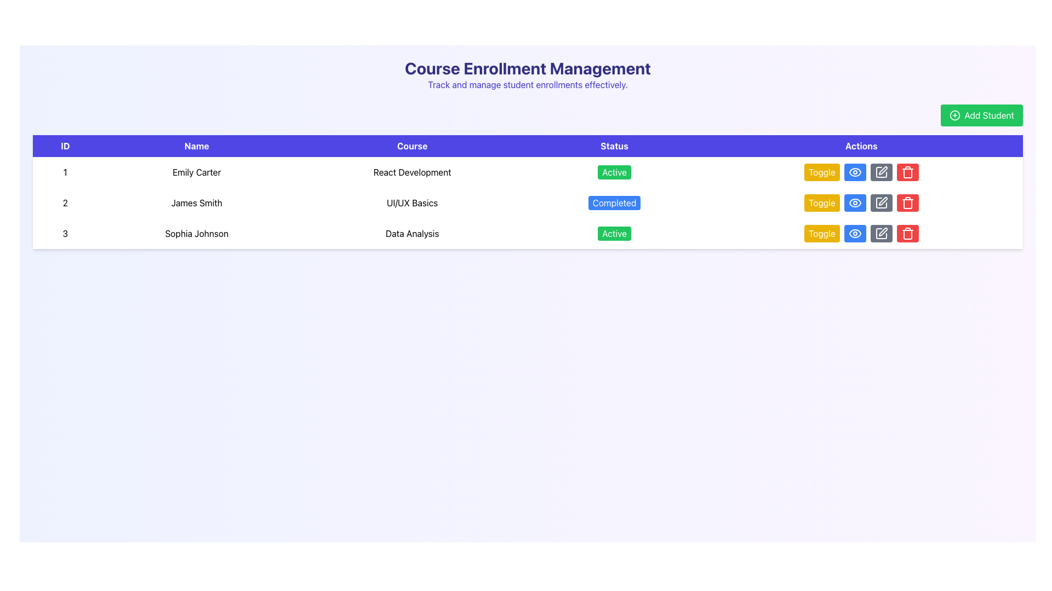 This screenshot has width=1052, height=591. What do you see at coordinates (65, 233) in the screenshot?
I see `the bold numeral '3' cell in the first column of the last row of the data table for selection` at bounding box center [65, 233].